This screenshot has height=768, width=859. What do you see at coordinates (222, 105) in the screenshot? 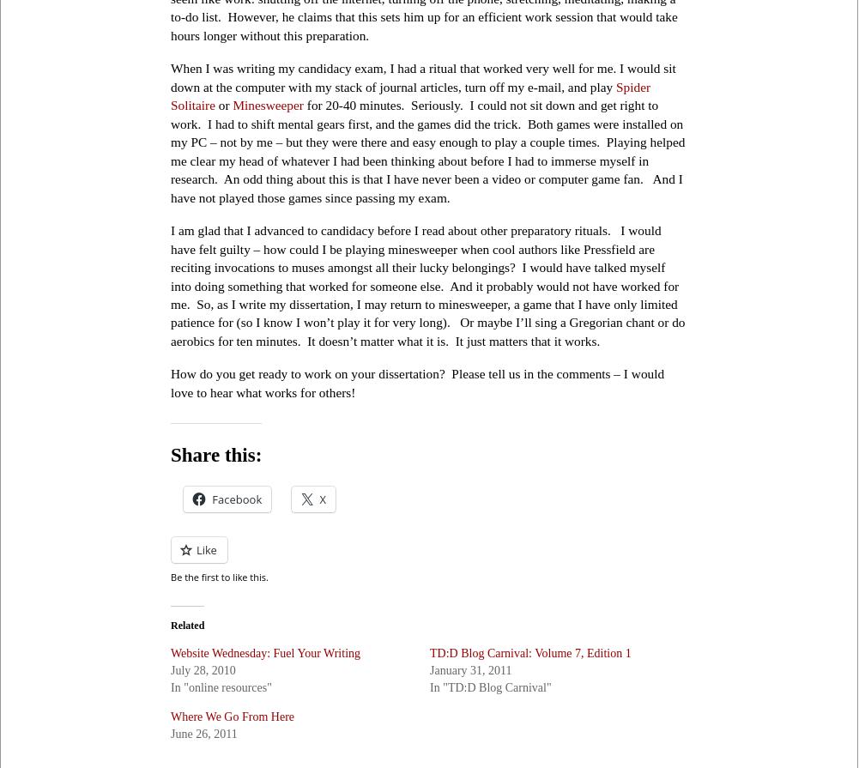
I see `'or'` at bounding box center [222, 105].